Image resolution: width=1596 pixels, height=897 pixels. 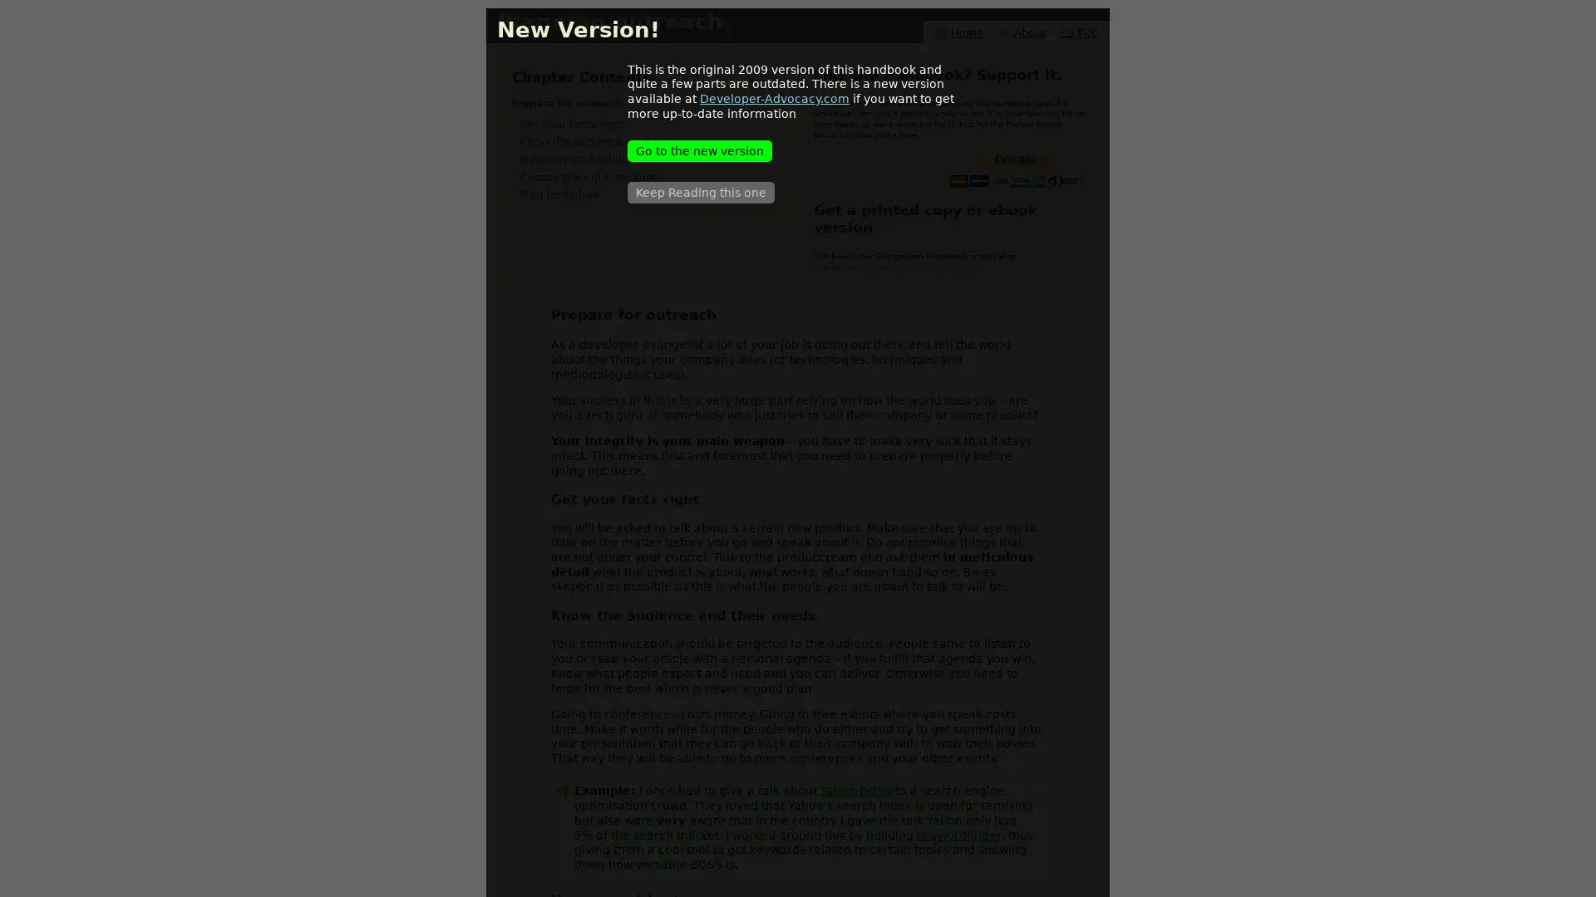 I want to click on Keep Reading this one, so click(x=701, y=191).